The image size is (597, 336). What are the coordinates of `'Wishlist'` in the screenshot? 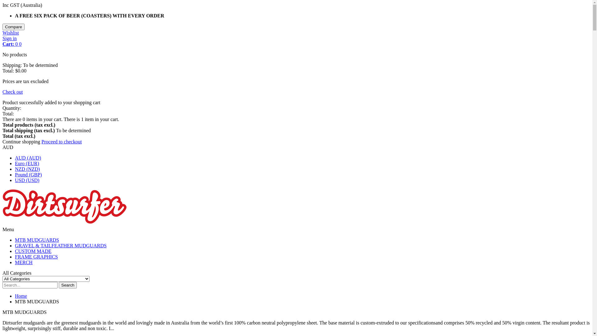 It's located at (2, 33).